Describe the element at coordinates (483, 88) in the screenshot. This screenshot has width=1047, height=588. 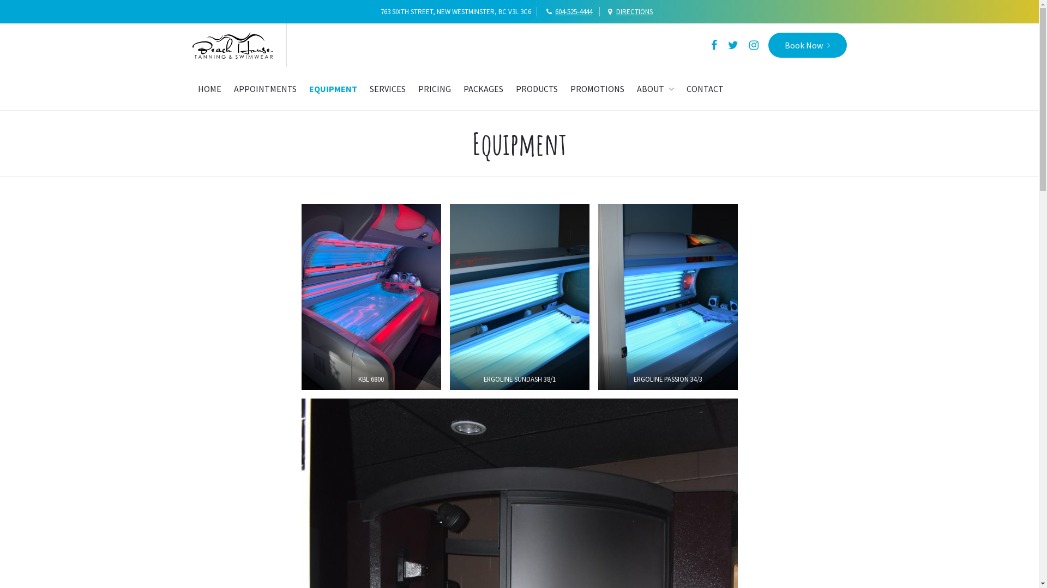
I see `'PACKAGES'` at that location.